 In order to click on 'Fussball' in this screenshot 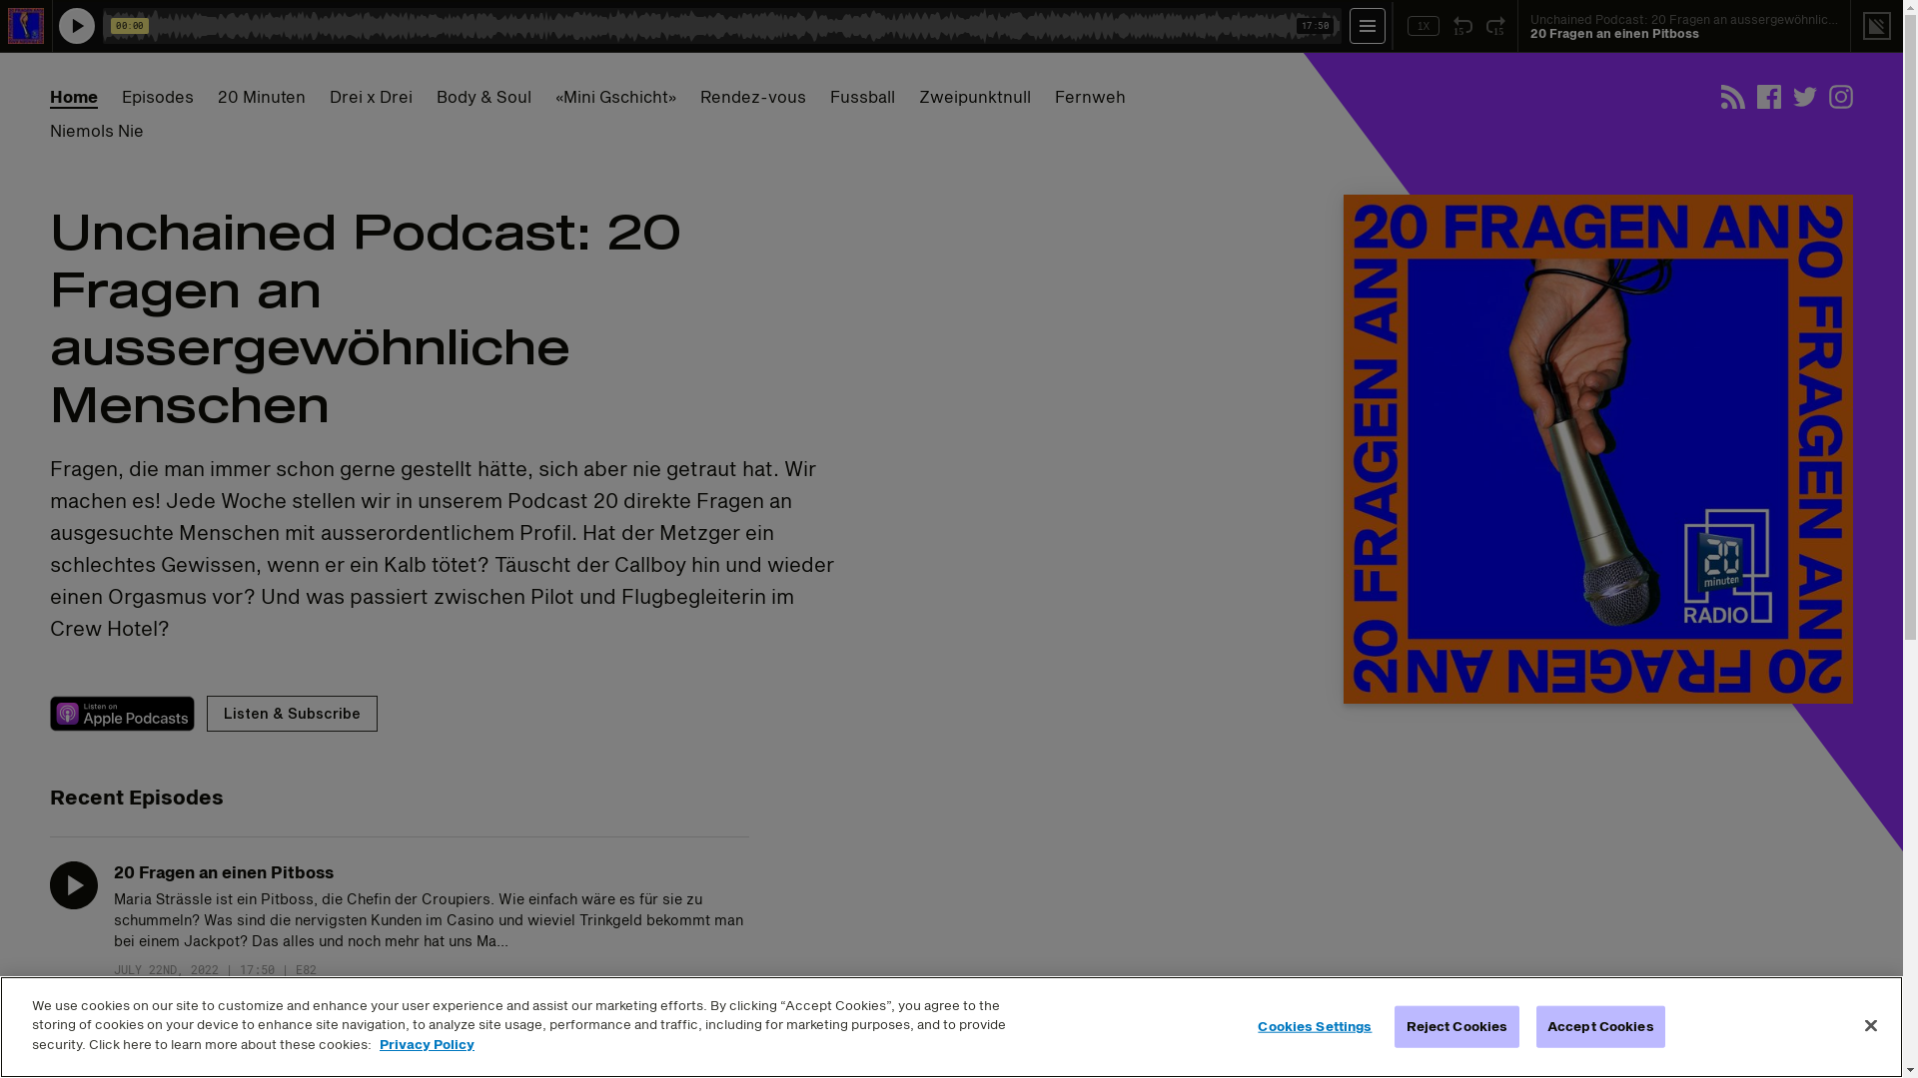, I will do `click(829, 96)`.